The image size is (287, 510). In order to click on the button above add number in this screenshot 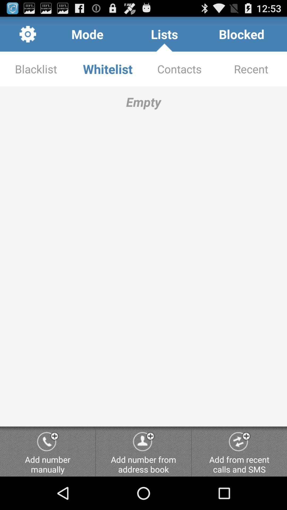, I will do `click(143, 256)`.